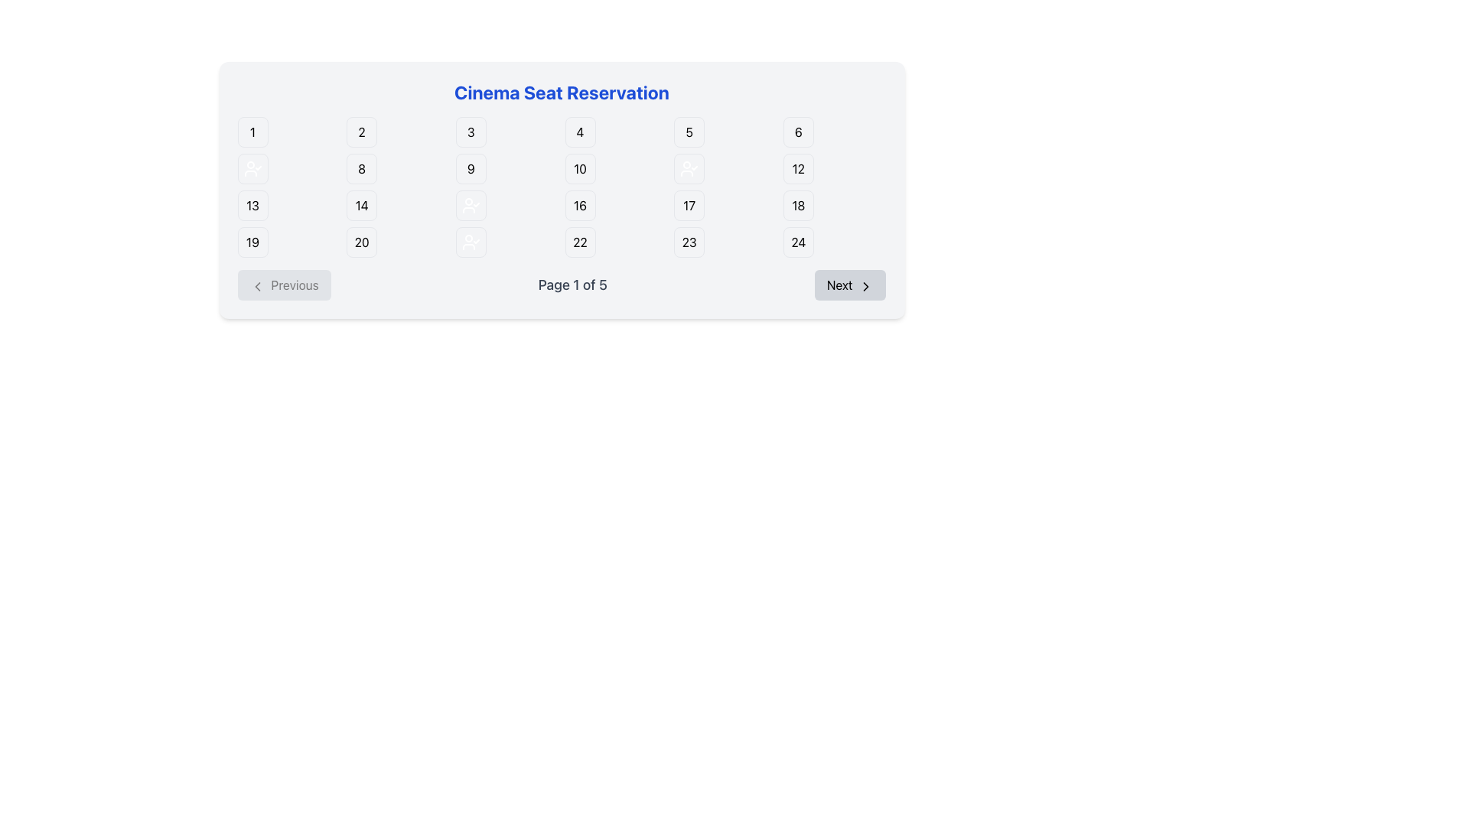  What do you see at coordinates (470, 205) in the screenshot?
I see `the state of the reserved seat button located in the cinema reservation system, identified as the fourth button from the left in the row starting with button '13'` at bounding box center [470, 205].